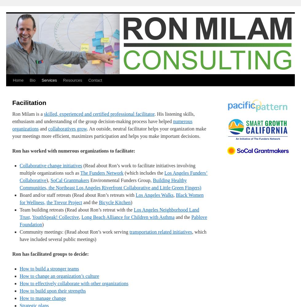 The image size is (301, 307). I want to click on 'Environmental Funders Group,', so click(121, 180).